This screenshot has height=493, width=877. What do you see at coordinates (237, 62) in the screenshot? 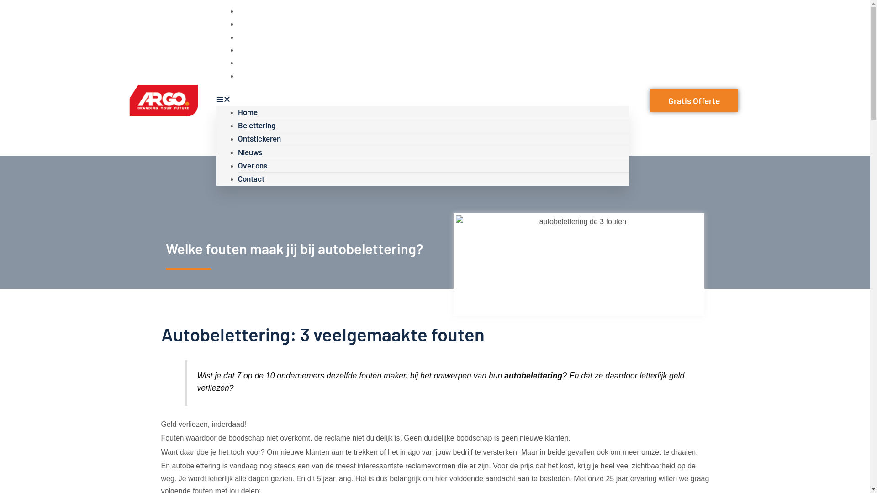
I see `'Over ons'` at bounding box center [237, 62].